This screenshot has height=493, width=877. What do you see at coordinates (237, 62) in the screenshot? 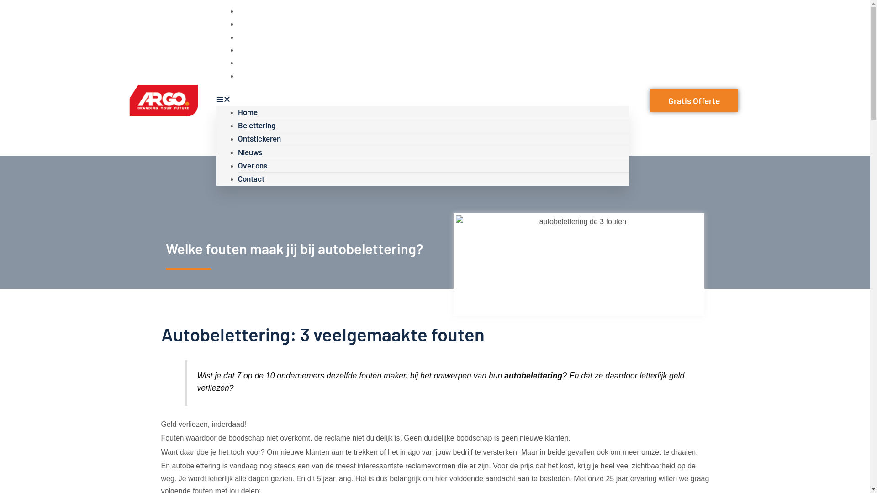
I see `'Over ons'` at bounding box center [237, 62].